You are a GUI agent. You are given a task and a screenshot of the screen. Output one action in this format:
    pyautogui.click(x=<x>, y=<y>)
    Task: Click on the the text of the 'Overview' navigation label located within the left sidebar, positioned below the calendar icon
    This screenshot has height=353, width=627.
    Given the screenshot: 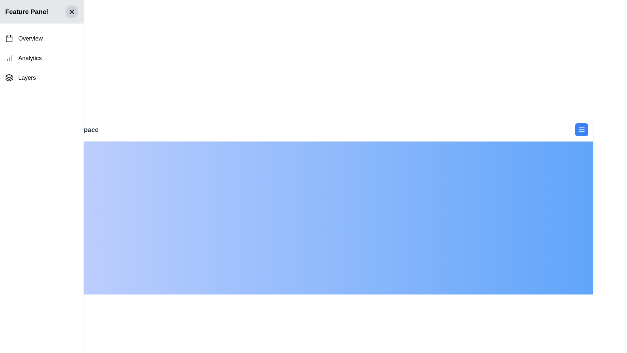 What is the action you would take?
    pyautogui.click(x=30, y=39)
    